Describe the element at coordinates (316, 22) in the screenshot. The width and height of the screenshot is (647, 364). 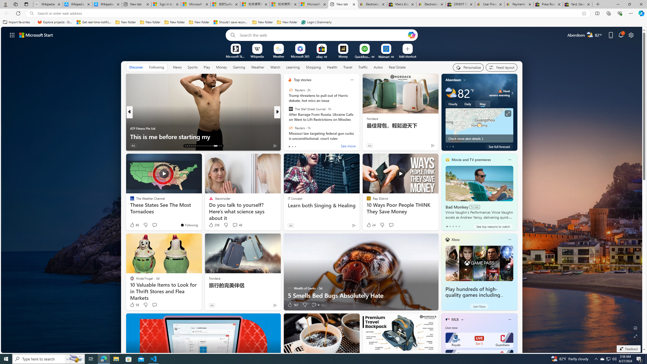
I see `'Login | Grammarly'` at that location.